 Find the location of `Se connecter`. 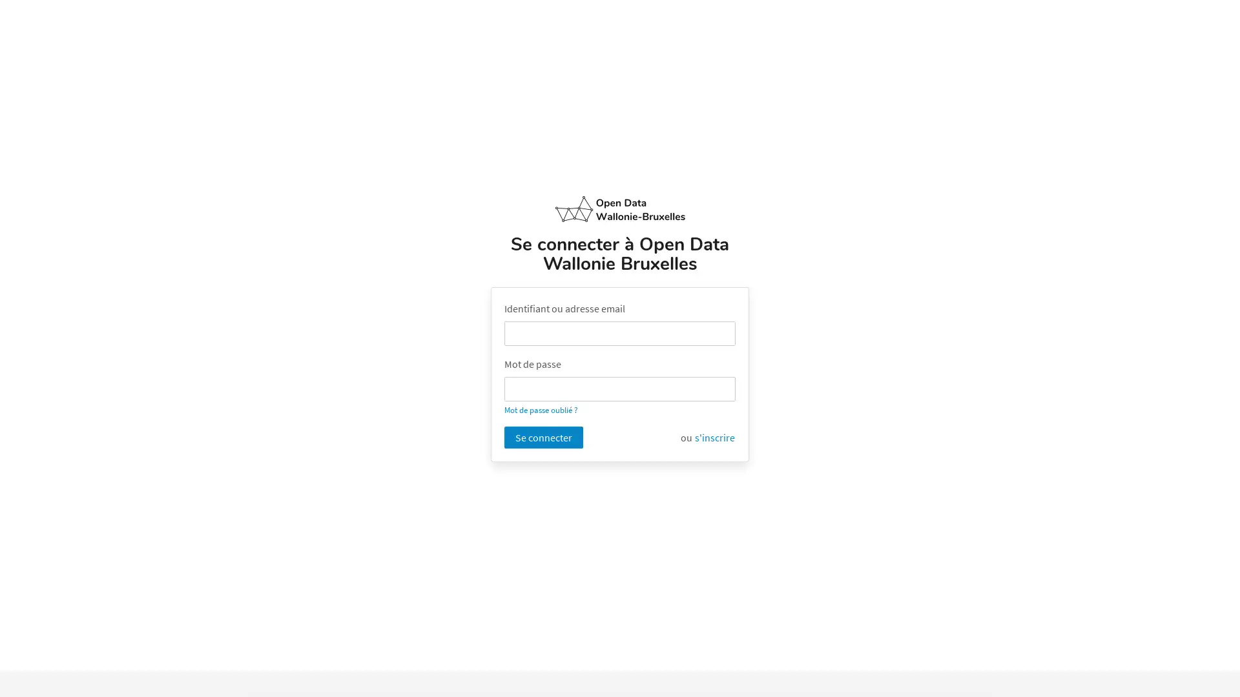

Se connecter is located at coordinates (543, 436).